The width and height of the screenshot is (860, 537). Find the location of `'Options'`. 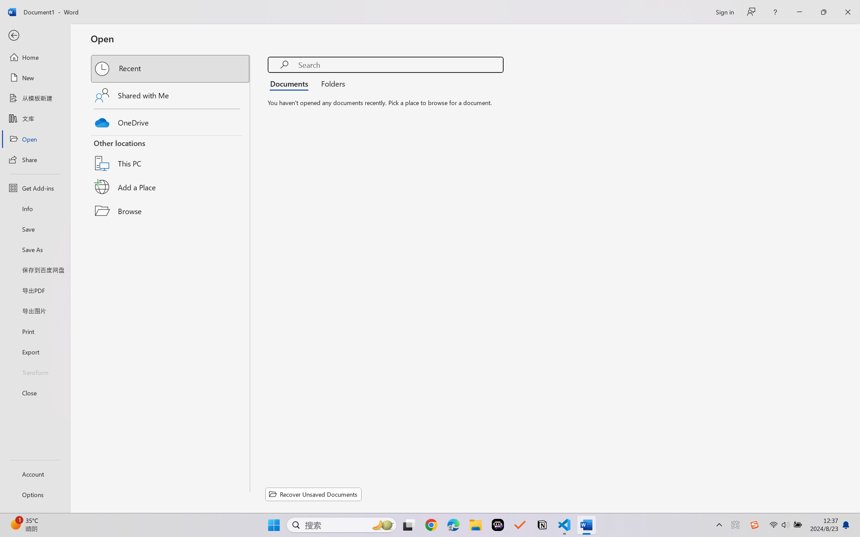

'Options' is located at coordinates (34, 494).